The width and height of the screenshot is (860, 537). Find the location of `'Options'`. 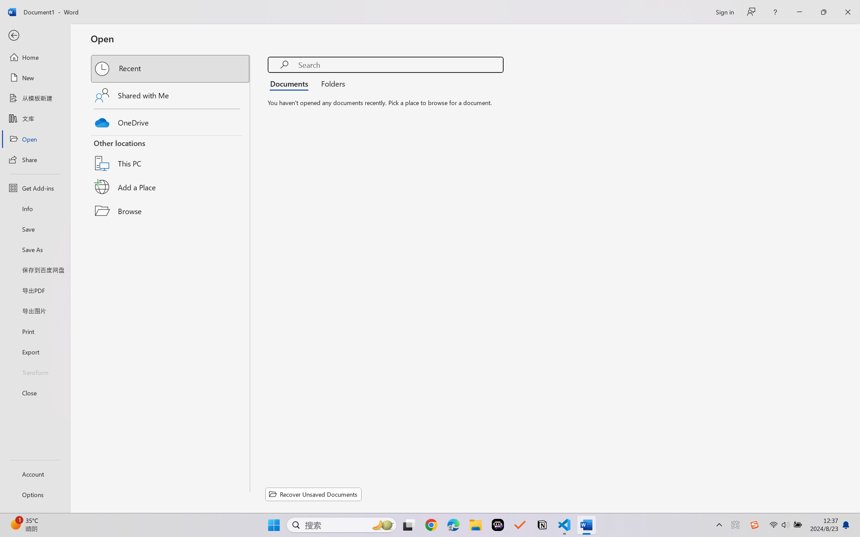

'Options' is located at coordinates (34, 494).